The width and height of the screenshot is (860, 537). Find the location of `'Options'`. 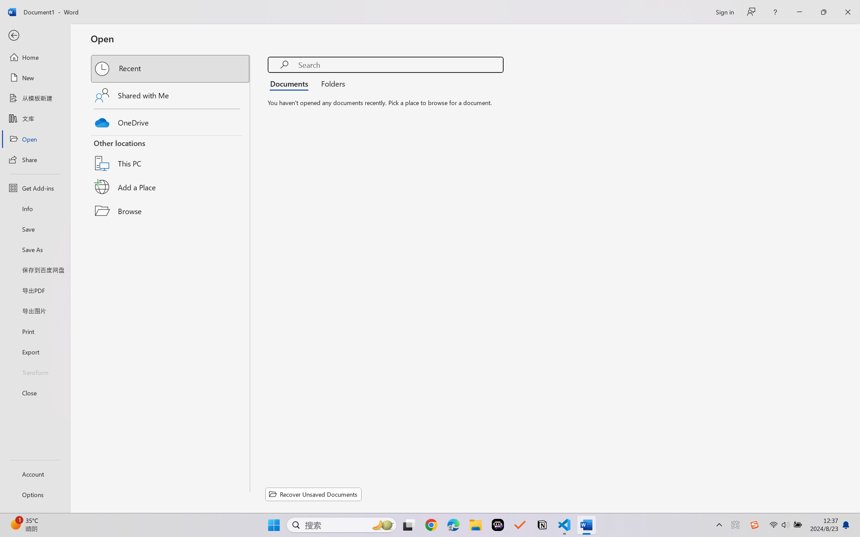

'Options' is located at coordinates (34, 494).